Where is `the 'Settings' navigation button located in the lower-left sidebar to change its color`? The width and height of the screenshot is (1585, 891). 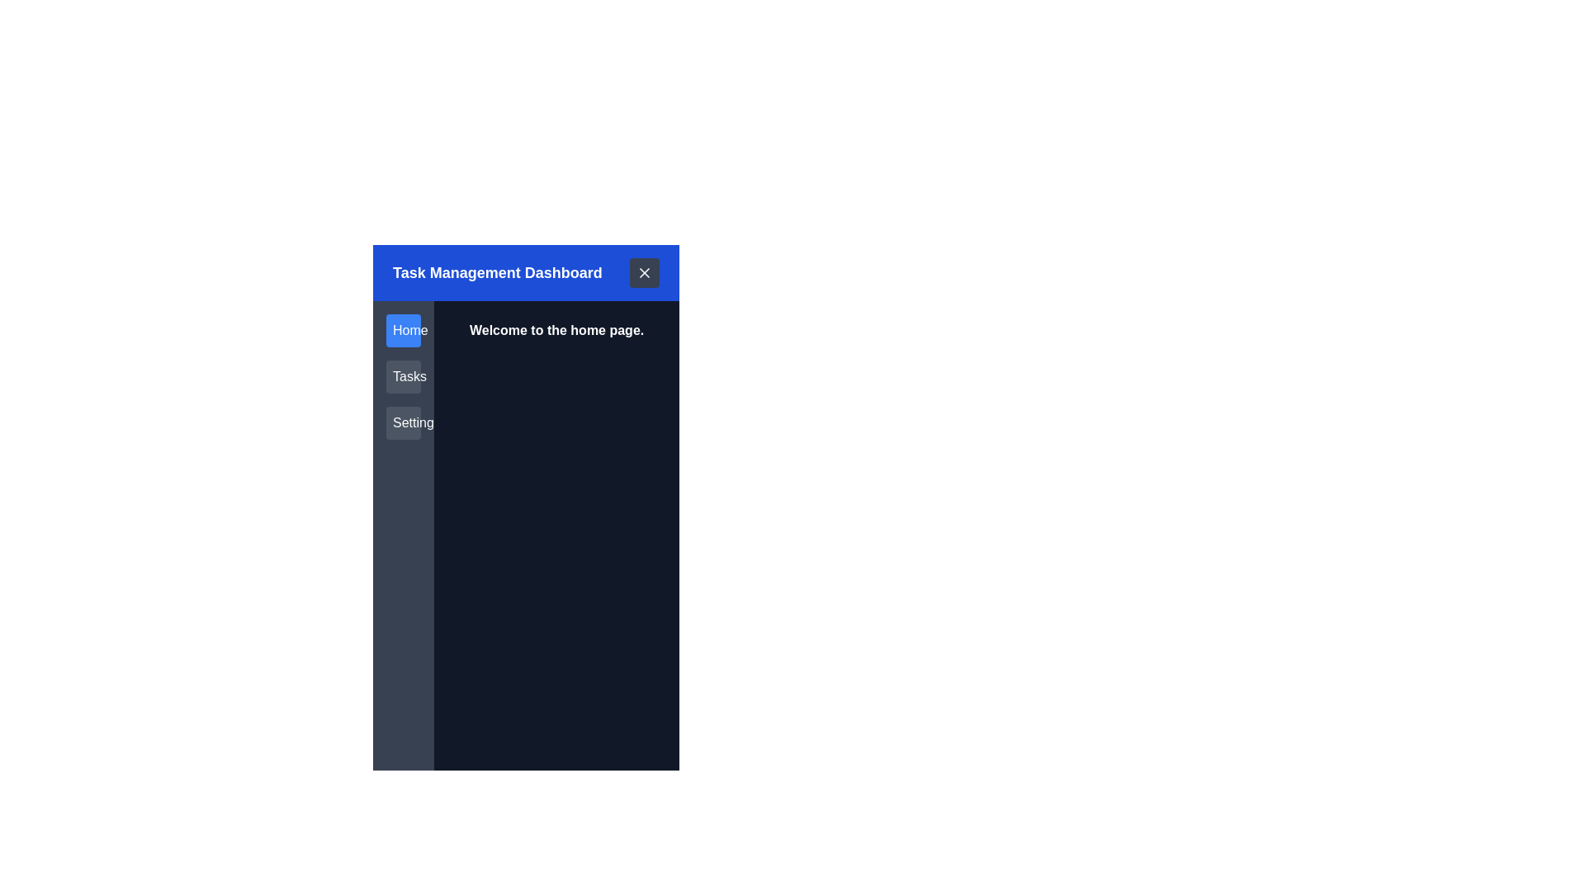 the 'Settings' navigation button located in the lower-left sidebar to change its color is located at coordinates (404, 422).